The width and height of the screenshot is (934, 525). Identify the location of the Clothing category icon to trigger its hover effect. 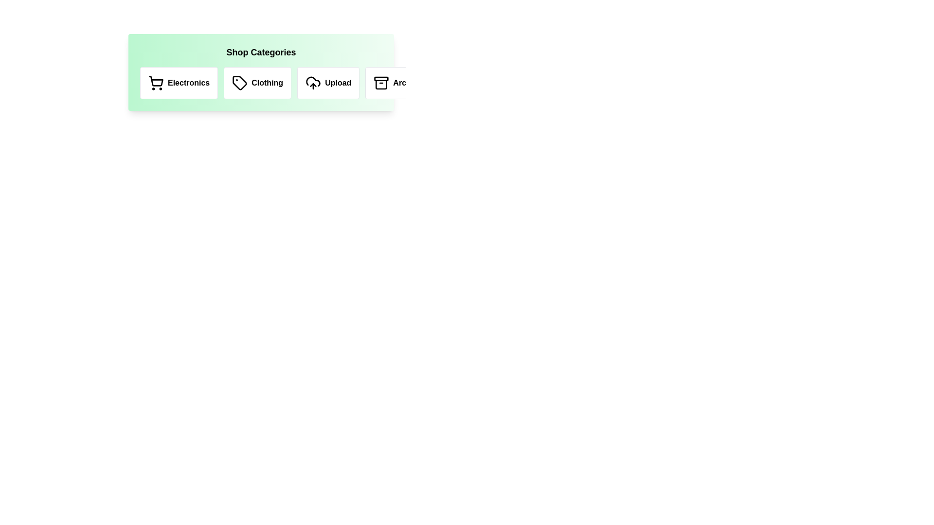
(257, 82).